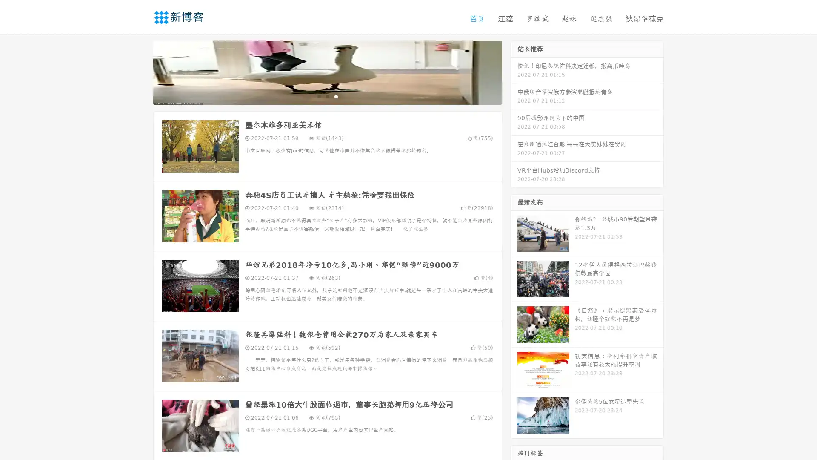 The width and height of the screenshot is (817, 460). I want to click on Go to slide 3, so click(336, 96).